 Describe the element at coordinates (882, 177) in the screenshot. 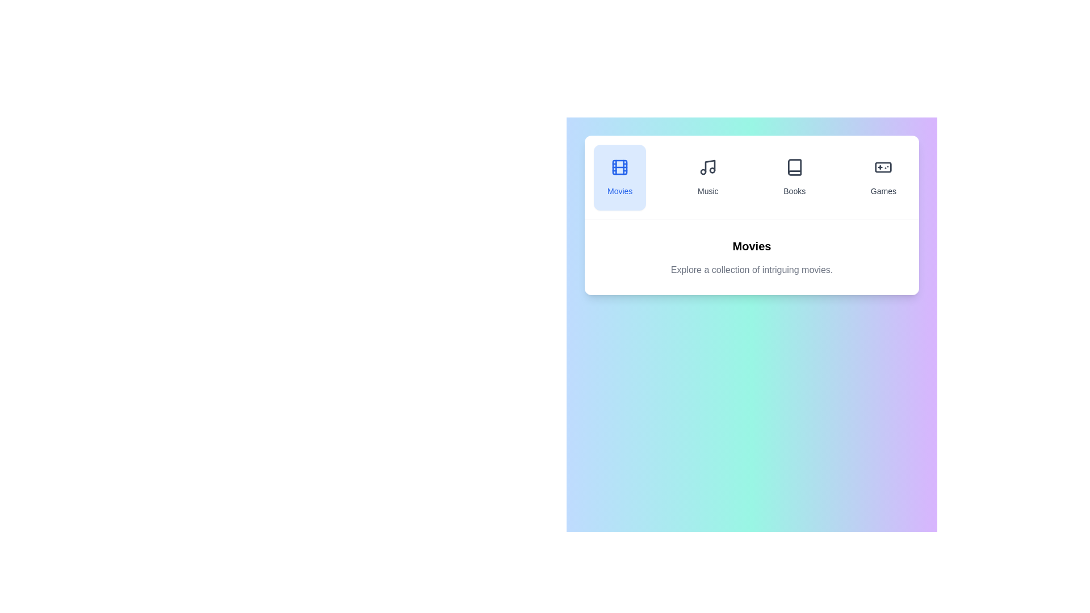

I see `the Games tab to switch to the respective entertainment category` at that location.